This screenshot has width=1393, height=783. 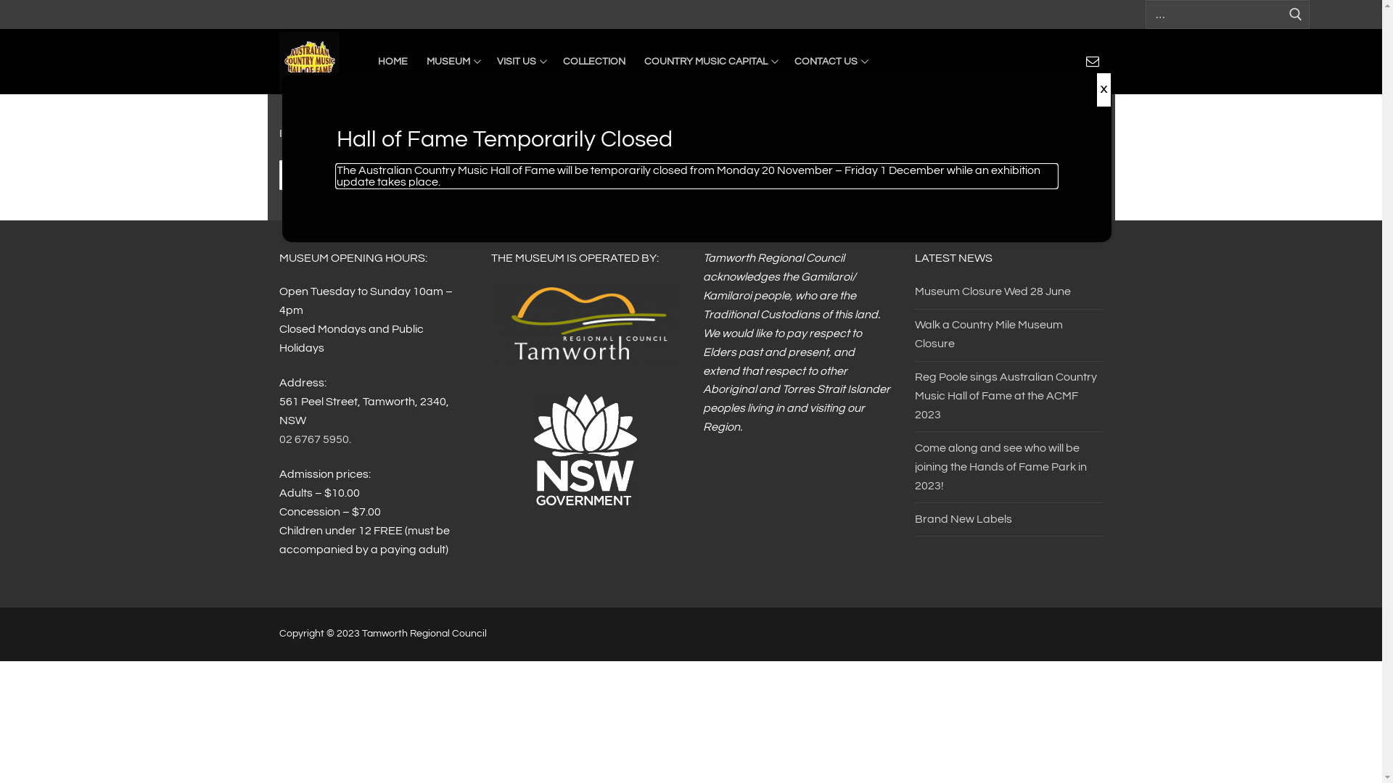 What do you see at coordinates (1093, 60) in the screenshot?
I see `'Mail'` at bounding box center [1093, 60].